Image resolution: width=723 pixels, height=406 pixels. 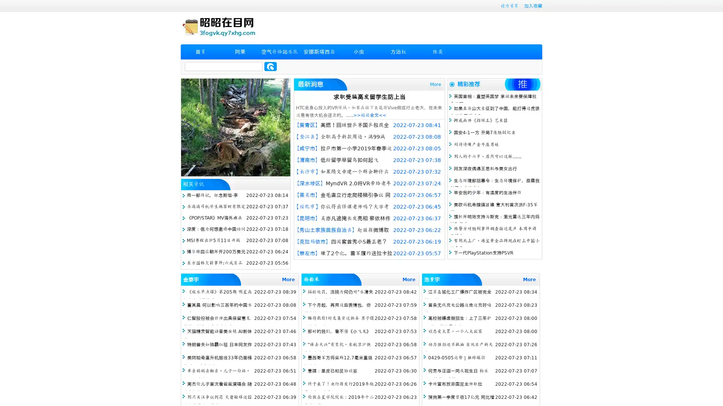 I want to click on Search, so click(x=270, y=66).